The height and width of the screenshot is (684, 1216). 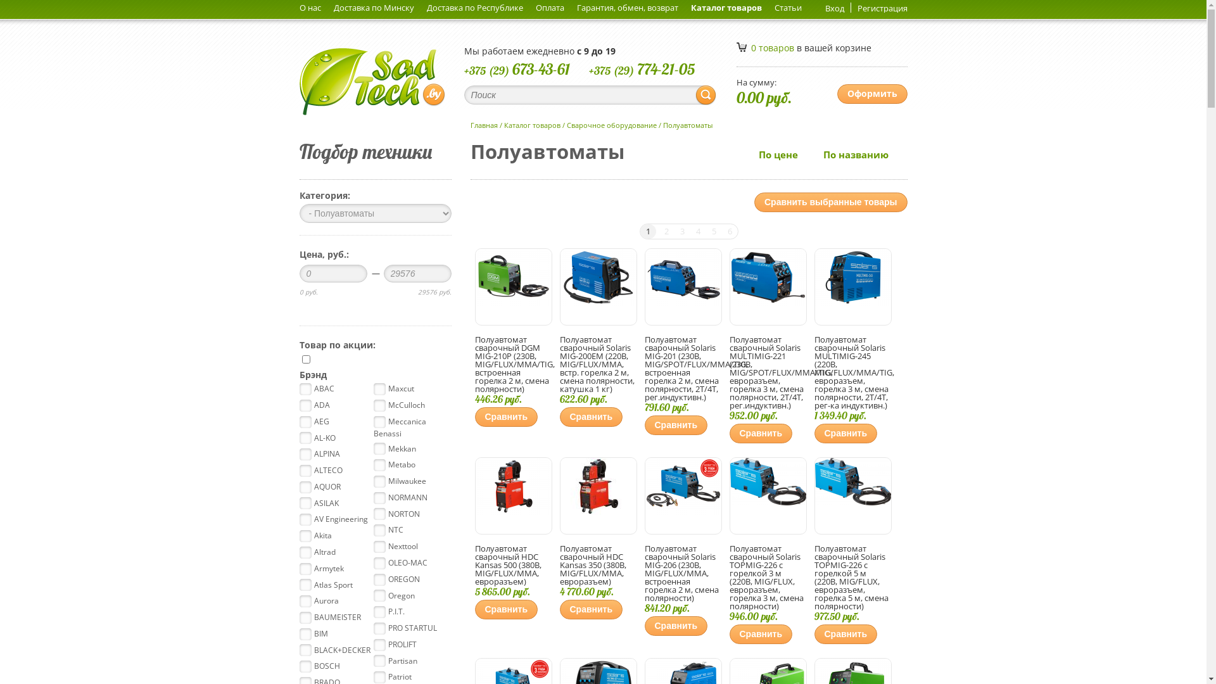 What do you see at coordinates (639, 231) in the screenshot?
I see `'1'` at bounding box center [639, 231].